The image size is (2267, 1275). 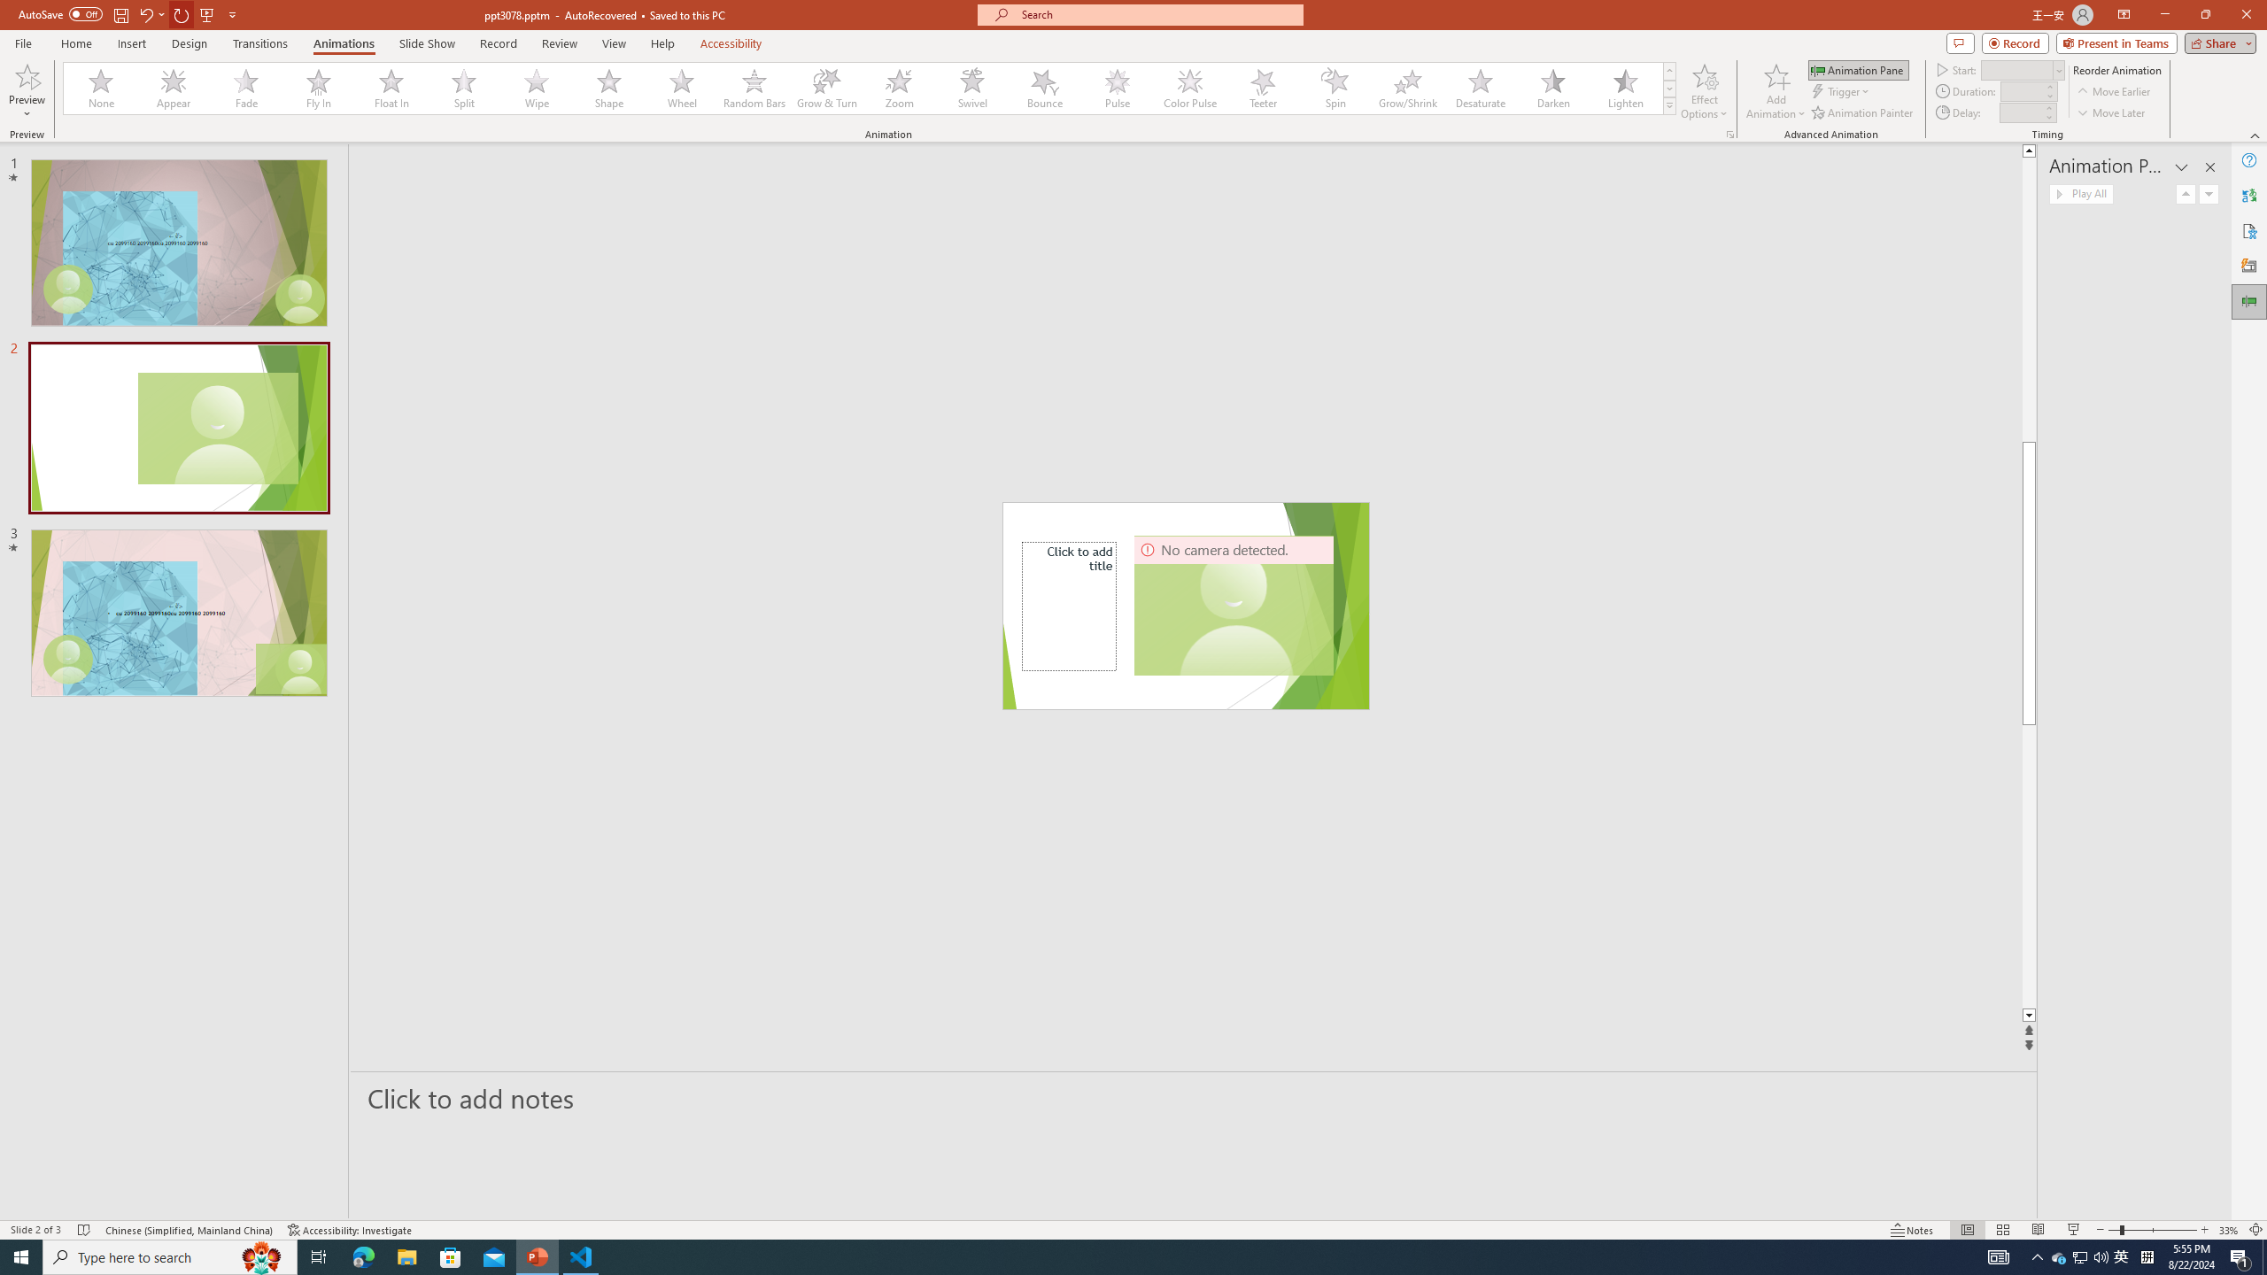 What do you see at coordinates (1335, 88) in the screenshot?
I see `'Spin'` at bounding box center [1335, 88].